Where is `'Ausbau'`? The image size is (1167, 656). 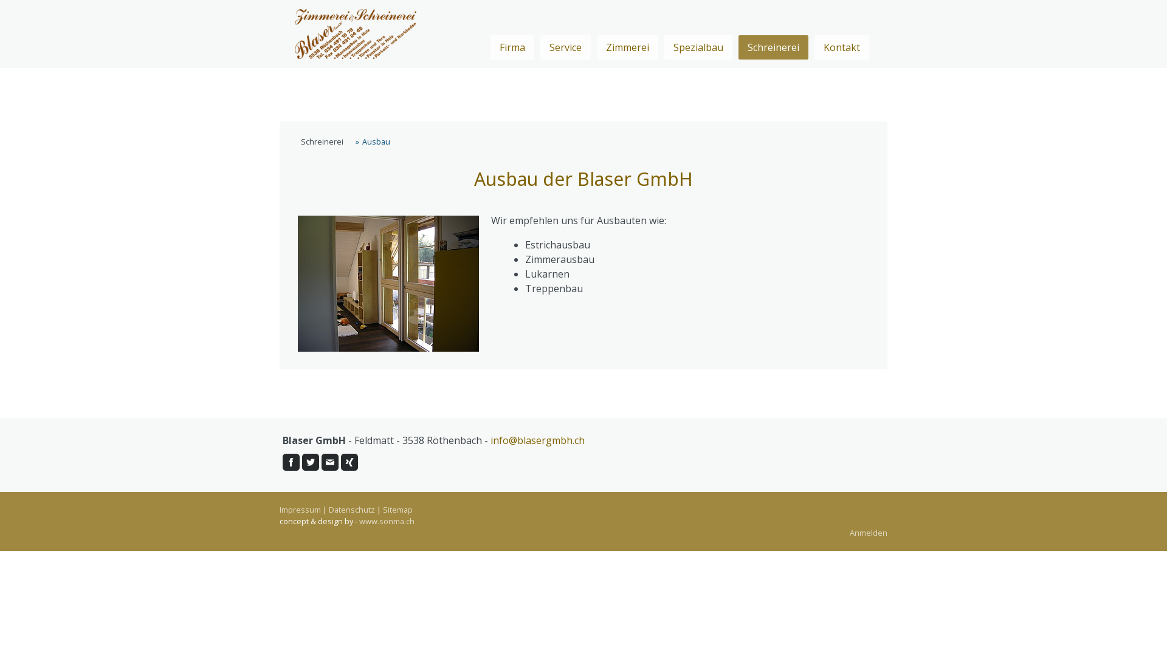 'Ausbau' is located at coordinates (372, 140).